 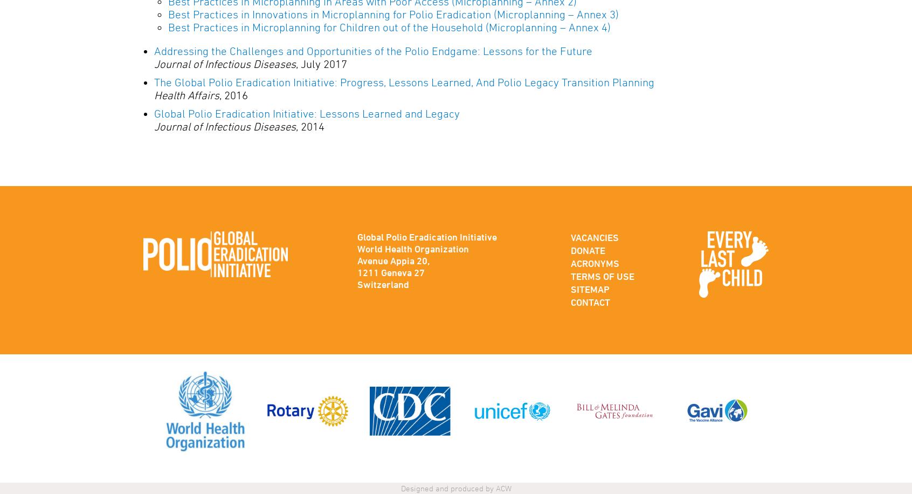 I want to click on 'Global Polio Eradication Initiative', so click(x=357, y=236).